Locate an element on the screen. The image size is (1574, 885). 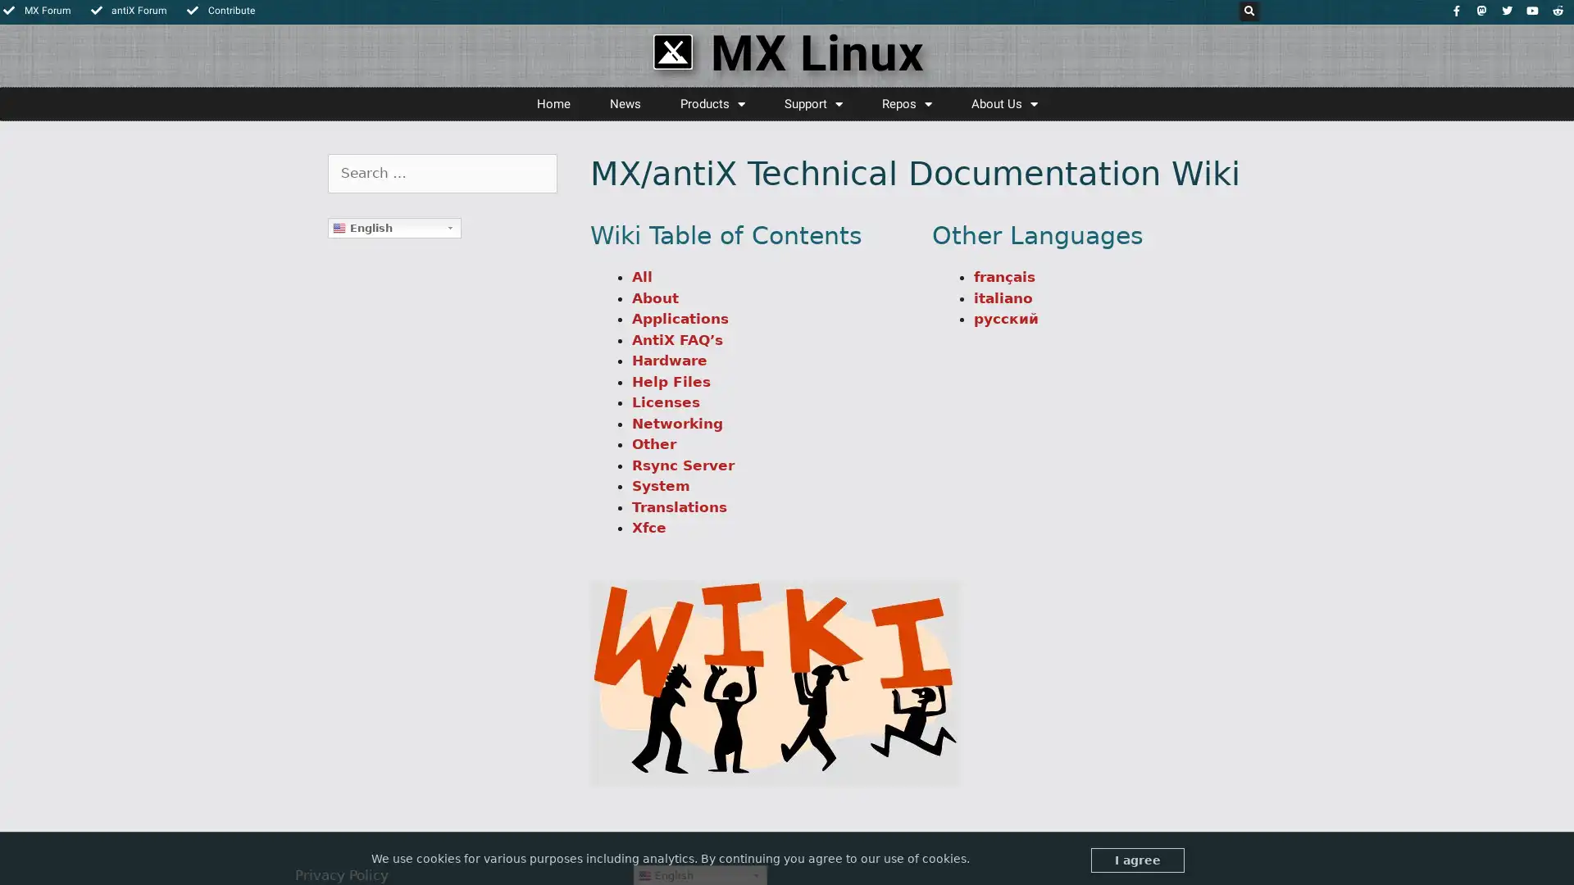
I agree is located at coordinates (1136, 859).